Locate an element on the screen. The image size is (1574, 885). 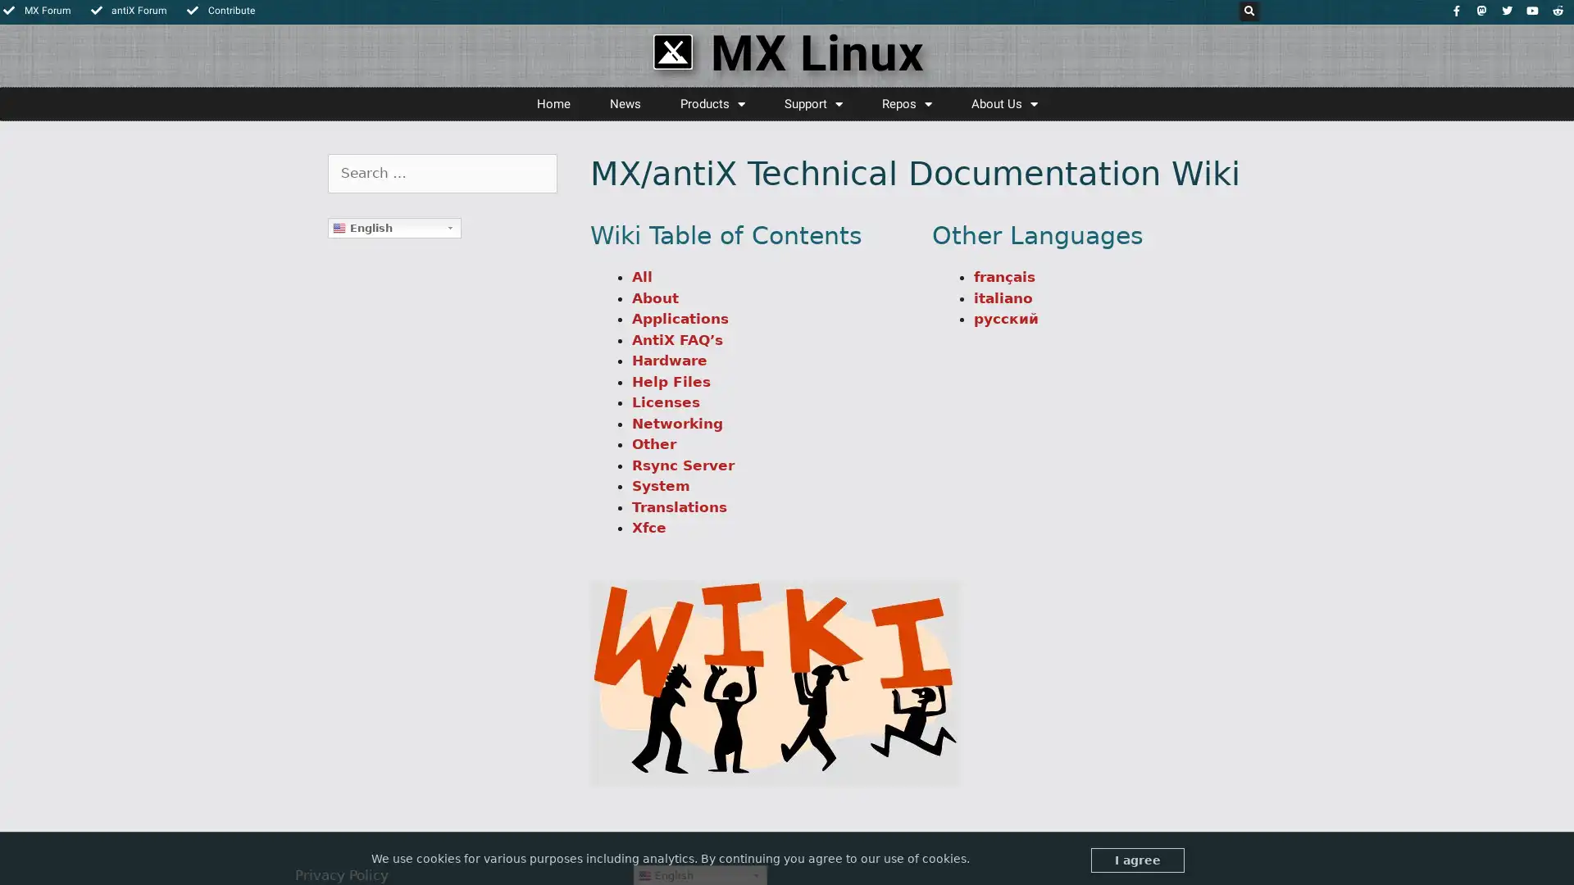
I agree is located at coordinates (1136, 859).